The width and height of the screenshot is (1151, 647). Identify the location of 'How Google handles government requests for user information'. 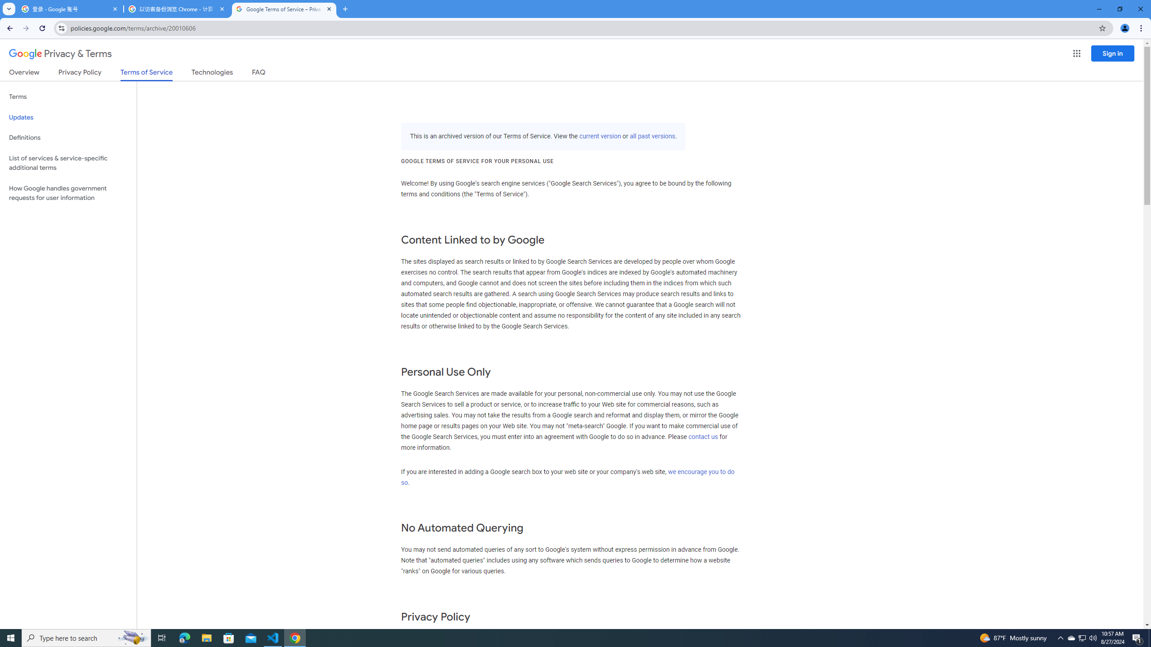
(68, 192).